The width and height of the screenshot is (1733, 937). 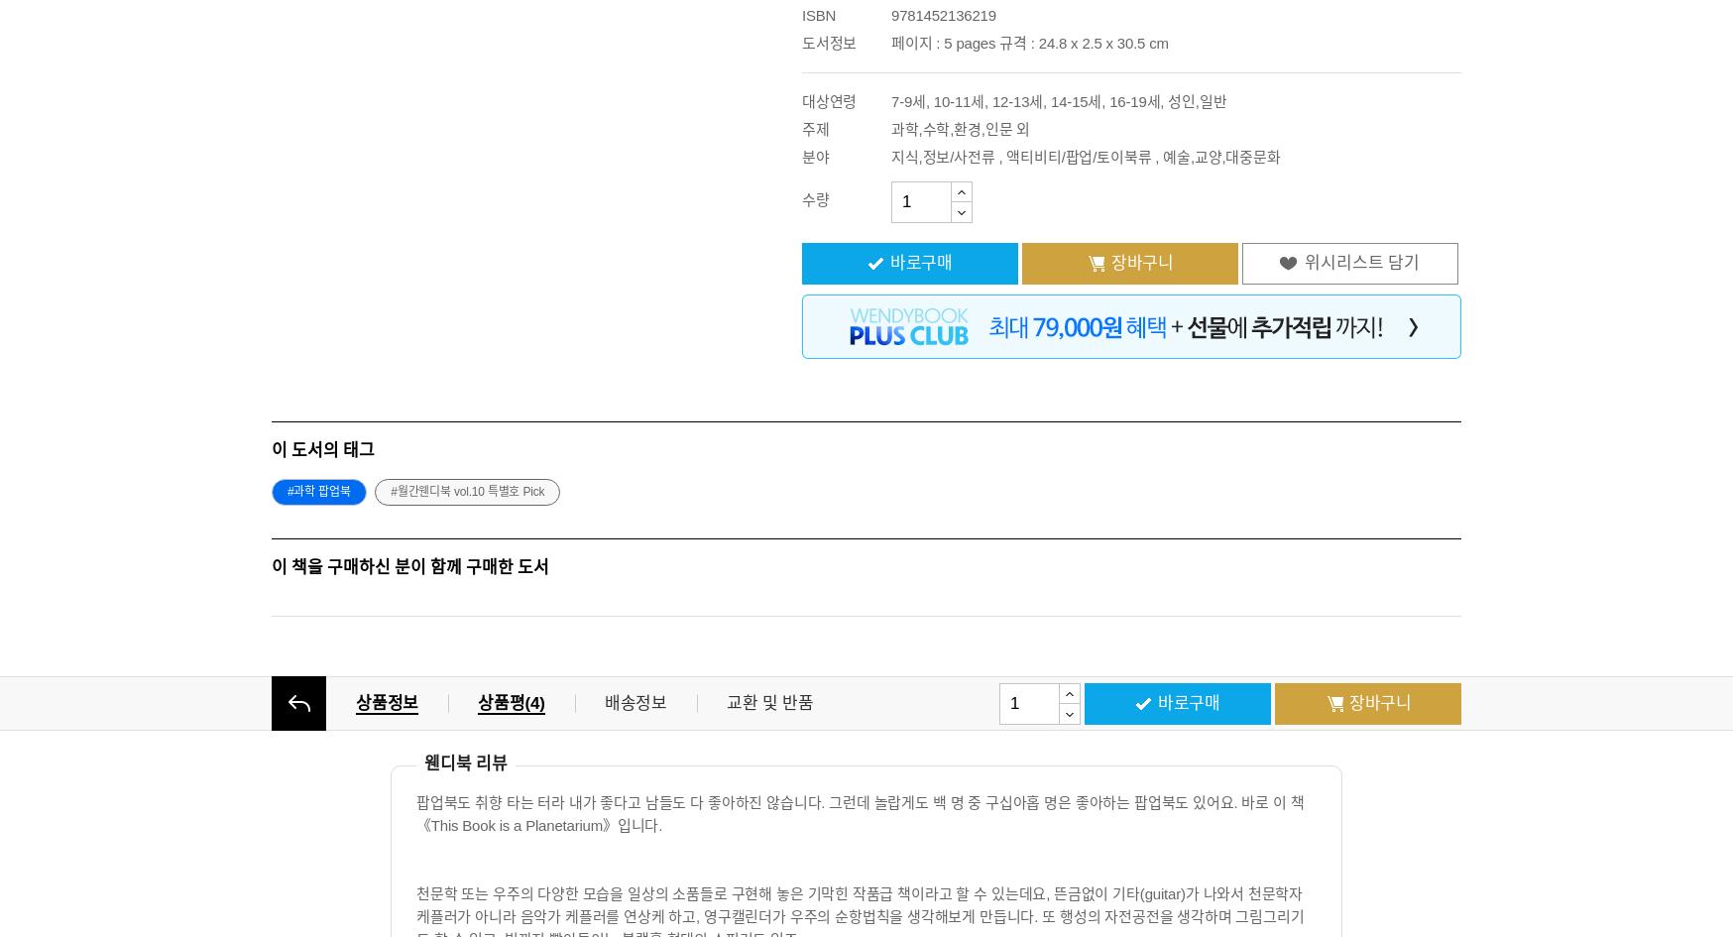 What do you see at coordinates (960, 128) in the screenshot?
I see `'과학,수학,환경,인문 외'` at bounding box center [960, 128].